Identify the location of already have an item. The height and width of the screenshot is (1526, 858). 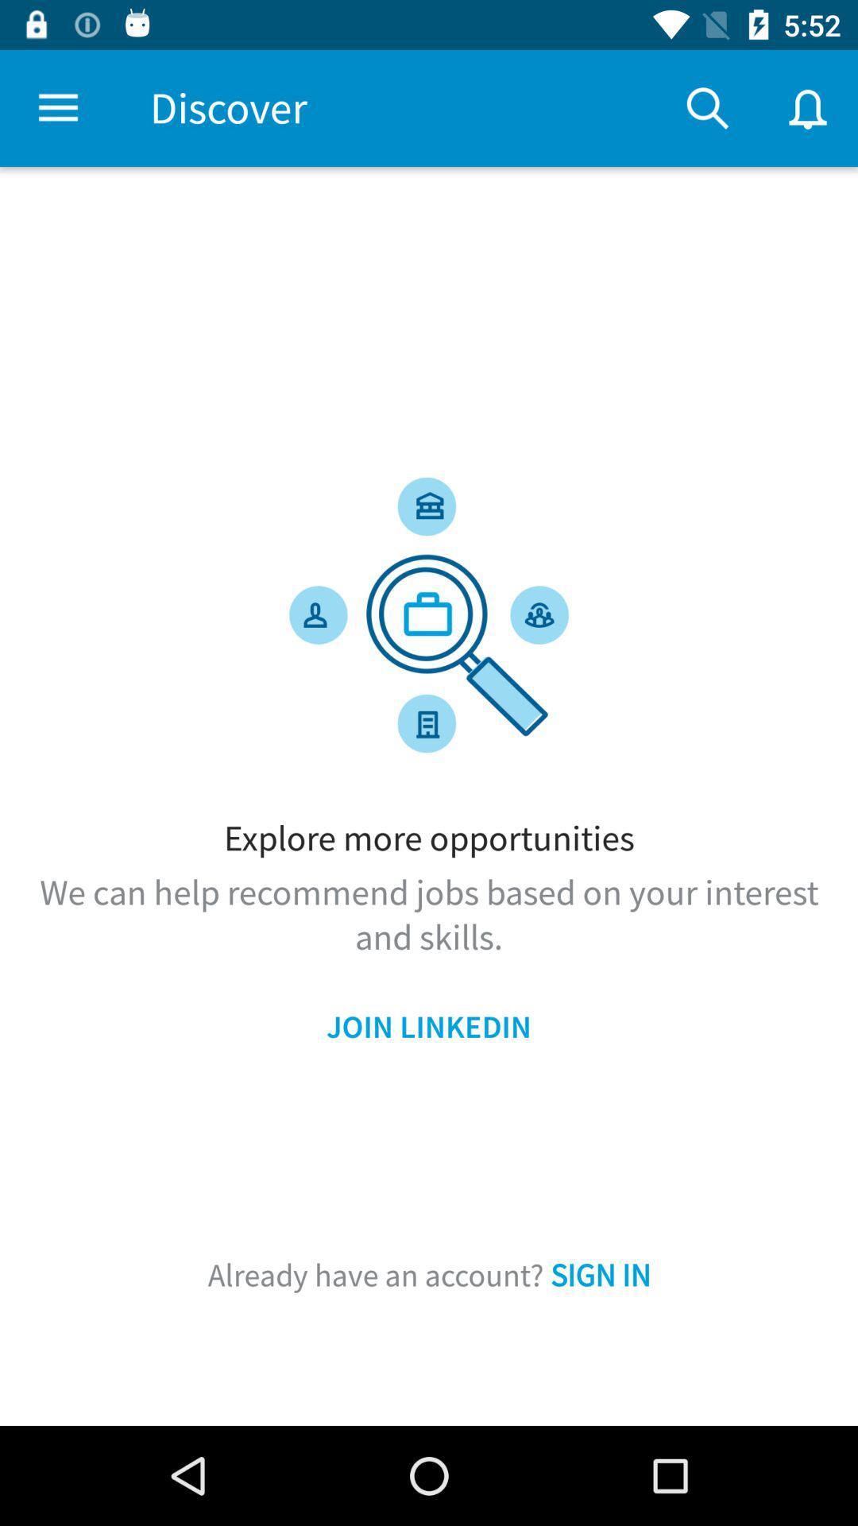
(429, 1275).